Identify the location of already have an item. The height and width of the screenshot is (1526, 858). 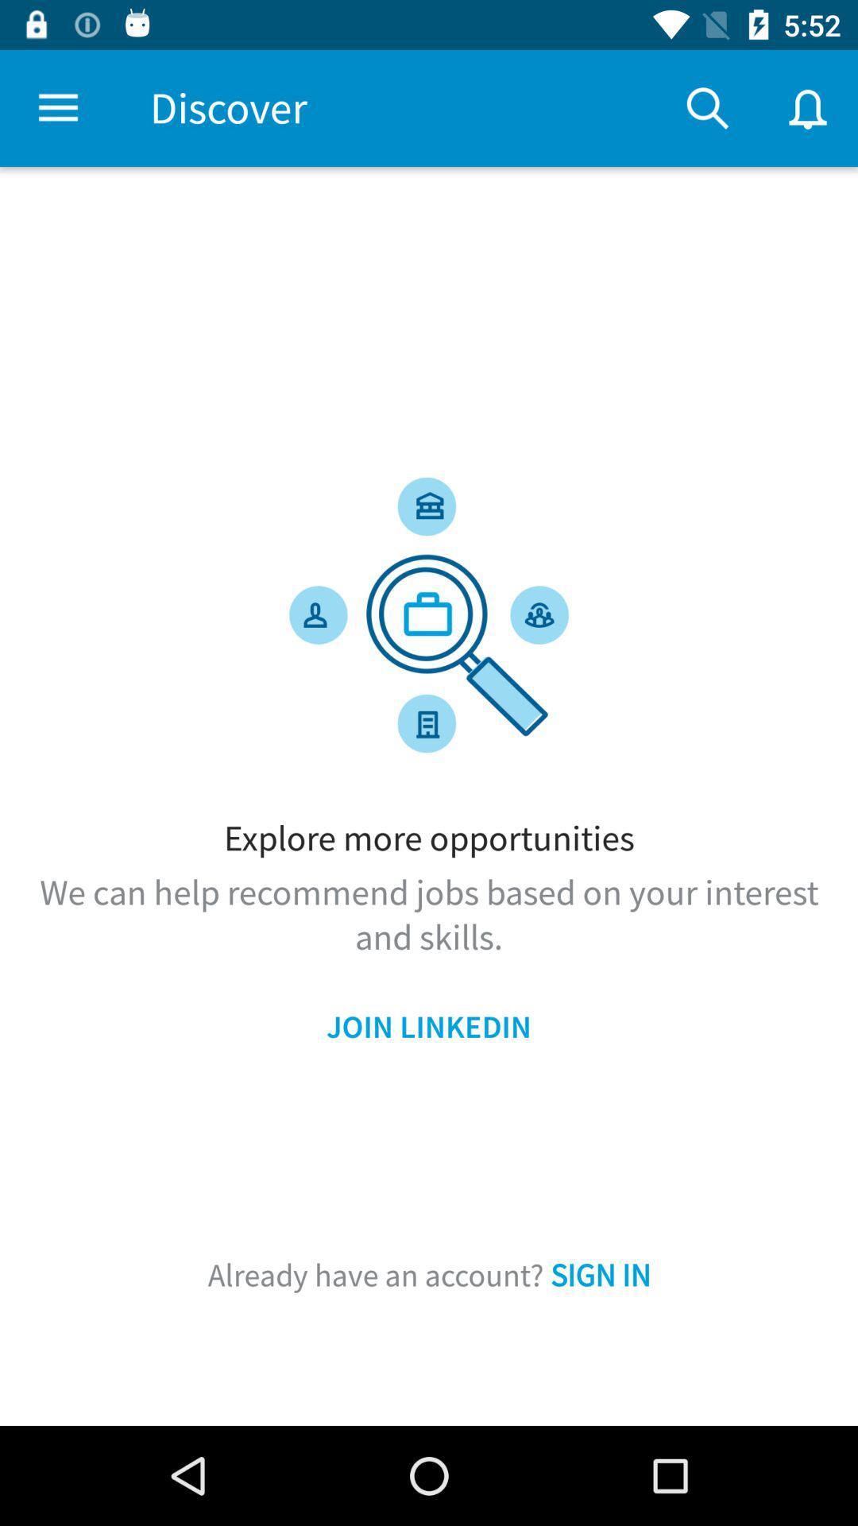
(429, 1275).